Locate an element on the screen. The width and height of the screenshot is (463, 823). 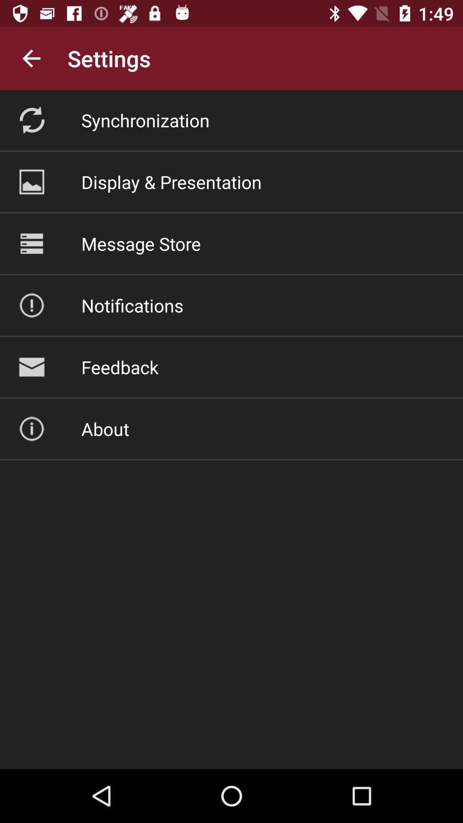
the message store is located at coordinates (141, 243).